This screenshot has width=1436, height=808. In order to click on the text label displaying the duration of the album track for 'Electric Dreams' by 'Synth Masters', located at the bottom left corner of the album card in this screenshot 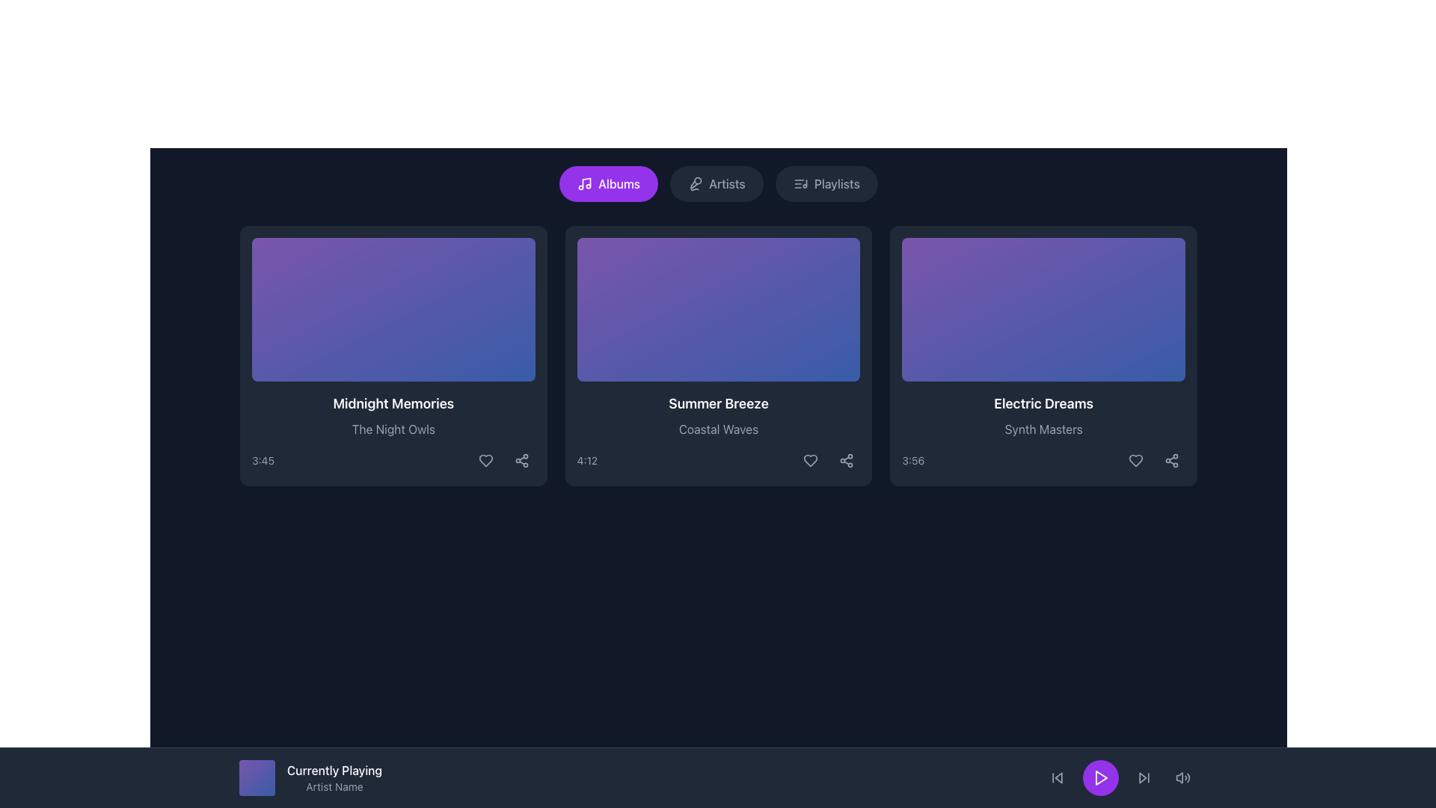, I will do `click(912, 460)`.